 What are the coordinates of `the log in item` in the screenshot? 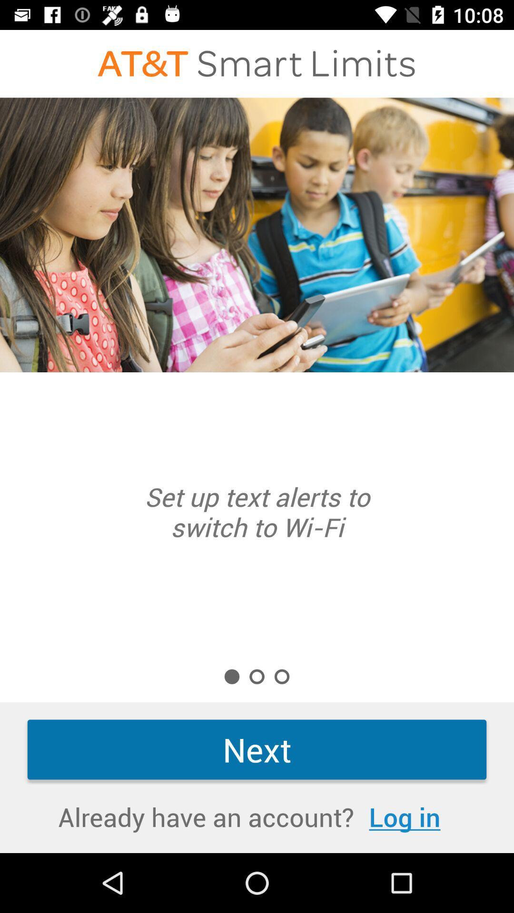 It's located at (405, 816).